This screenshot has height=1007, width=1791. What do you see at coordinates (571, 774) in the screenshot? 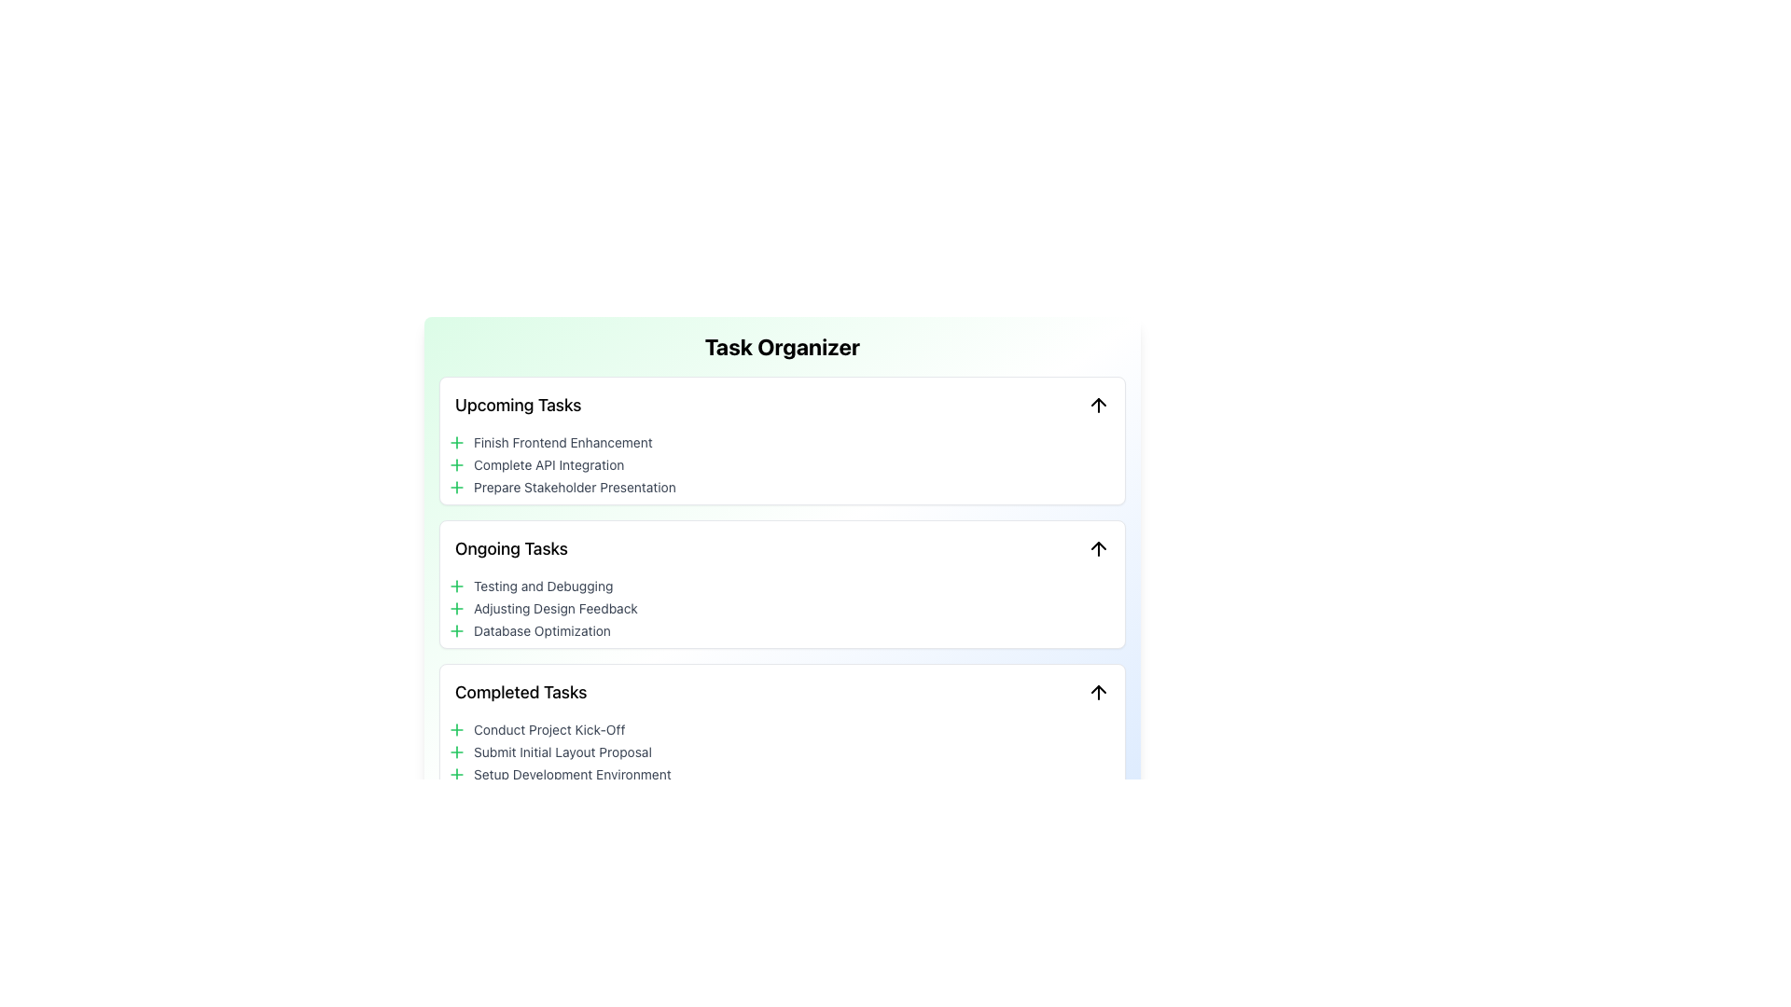
I see `text of the Text Label representing the title of a completed task in the 'Completed Tasks' list, located below the 'Submit Initial Layout Proposal' item` at bounding box center [571, 774].